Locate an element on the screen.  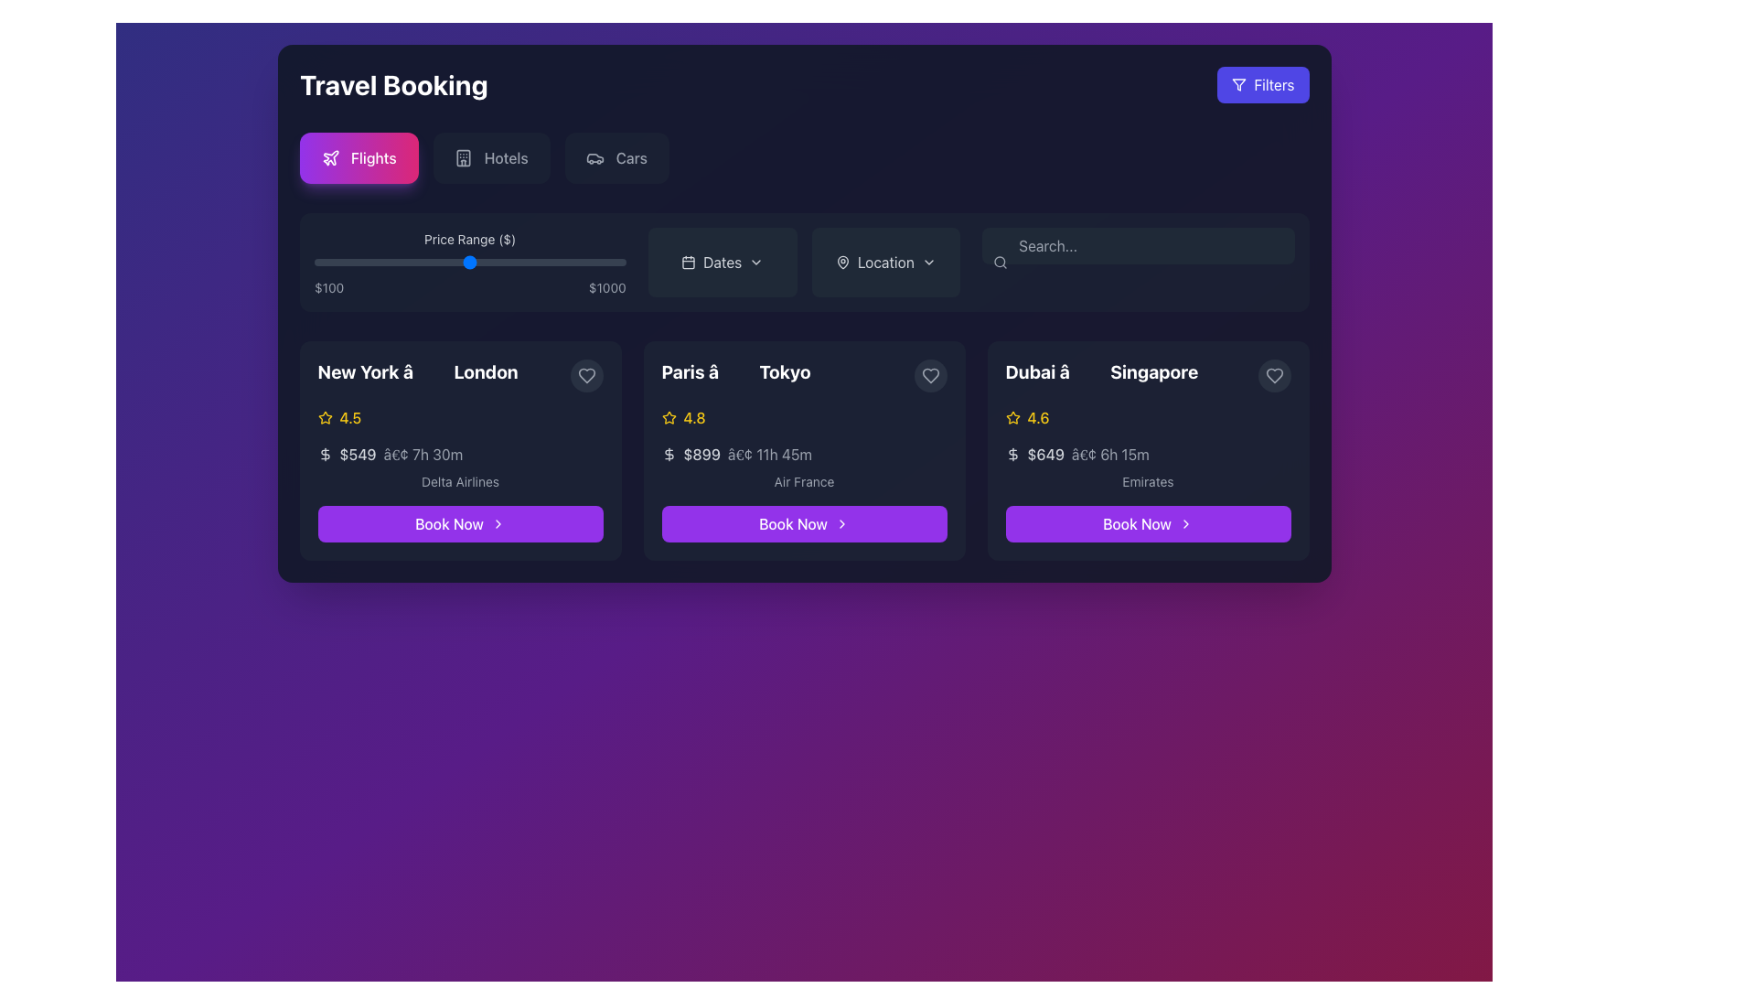
rating value displayed next to the star icon in the upper-left corner of the flight search result card for 'New York to London' is located at coordinates (350, 417).